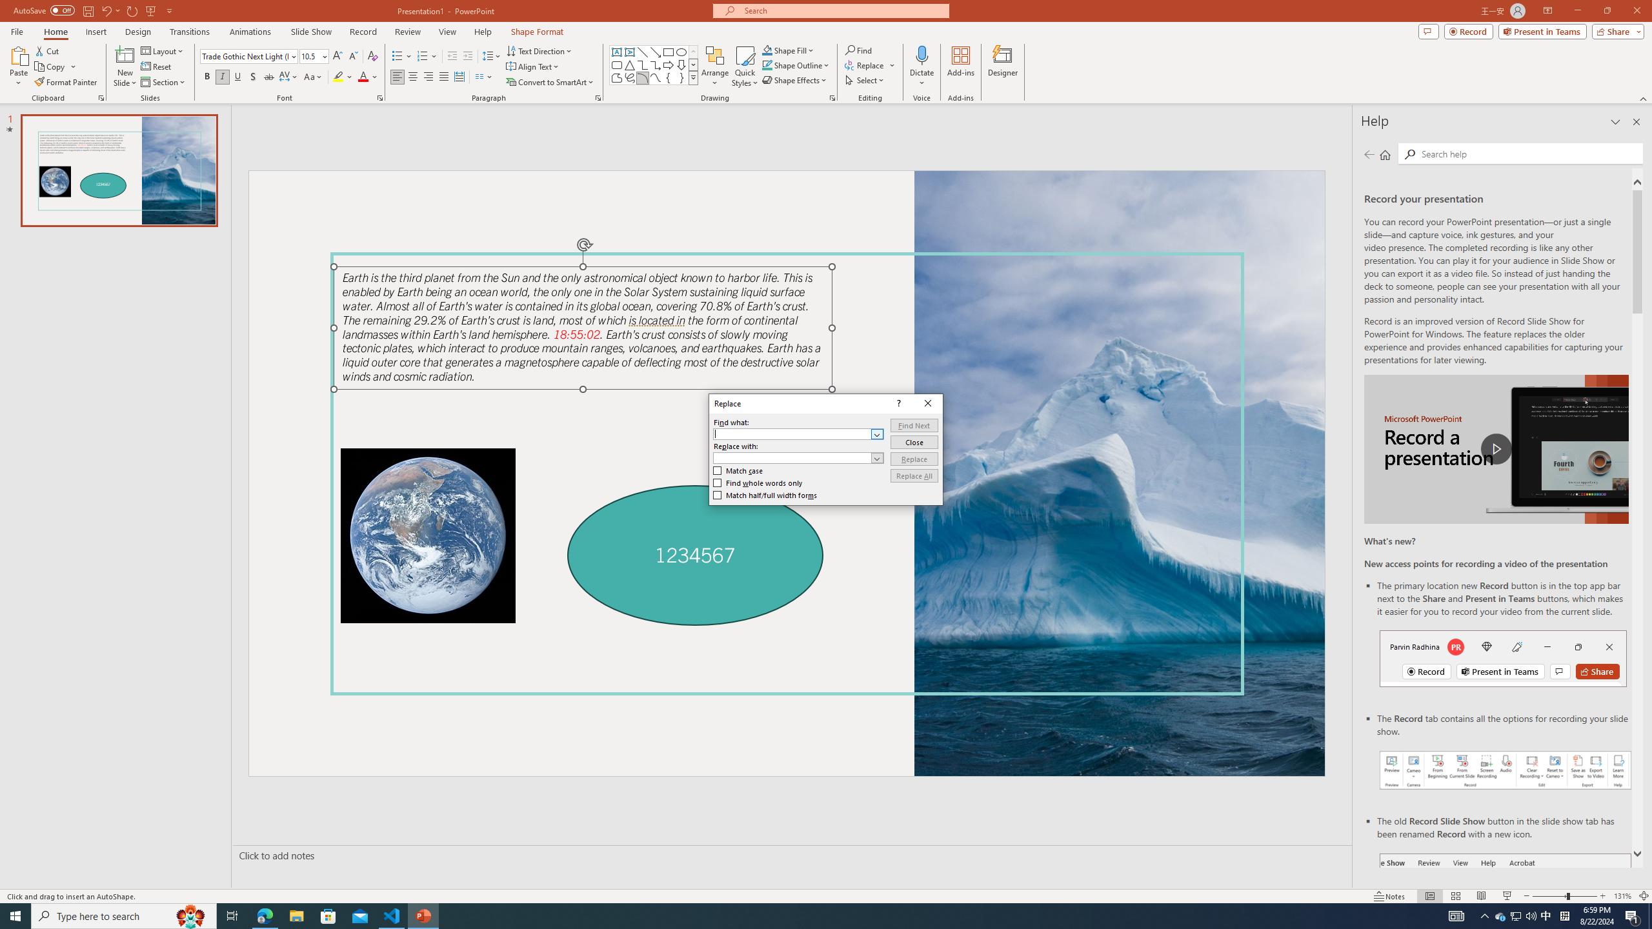 The image size is (1652, 929). What do you see at coordinates (738, 470) in the screenshot?
I see `'Match case'` at bounding box center [738, 470].